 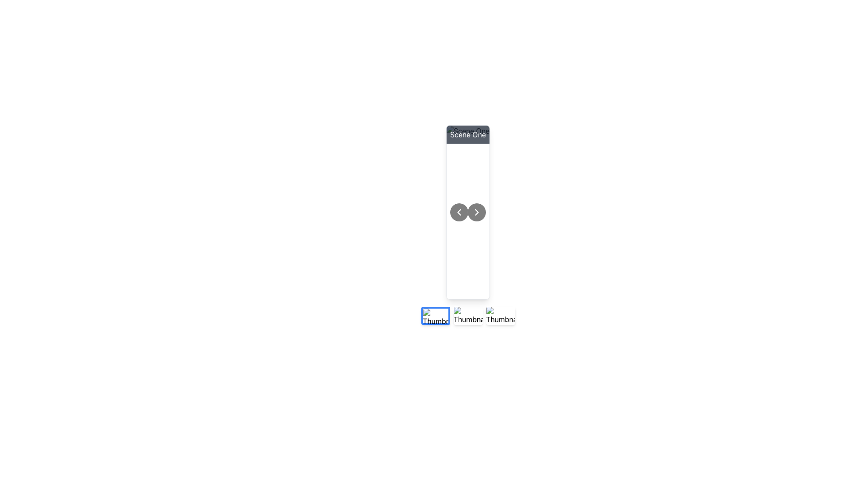 What do you see at coordinates (459, 212) in the screenshot?
I see `the left-facing arrow button, which is a vector icon styled with a rounded line and situated within a gray circular background` at bounding box center [459, 212].